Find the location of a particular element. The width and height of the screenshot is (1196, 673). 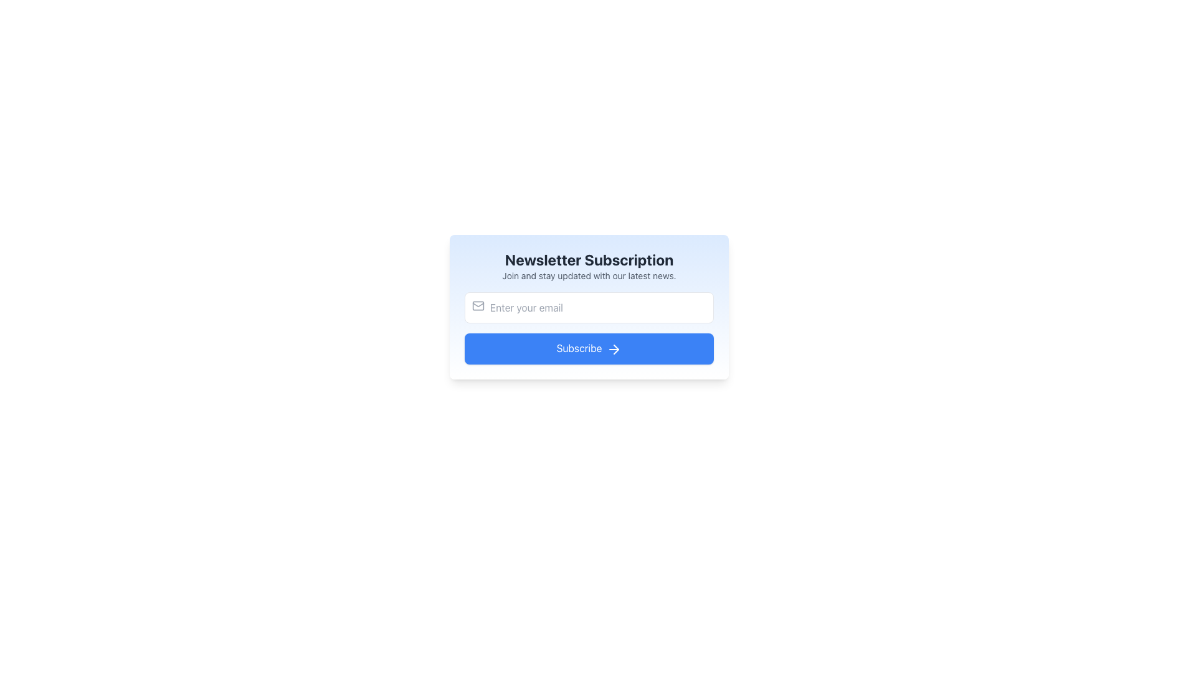

the static text element that provides additional information about the 'Newsletter Subscription' section, located below the header and above the input field is located at coordinates (588, 275).